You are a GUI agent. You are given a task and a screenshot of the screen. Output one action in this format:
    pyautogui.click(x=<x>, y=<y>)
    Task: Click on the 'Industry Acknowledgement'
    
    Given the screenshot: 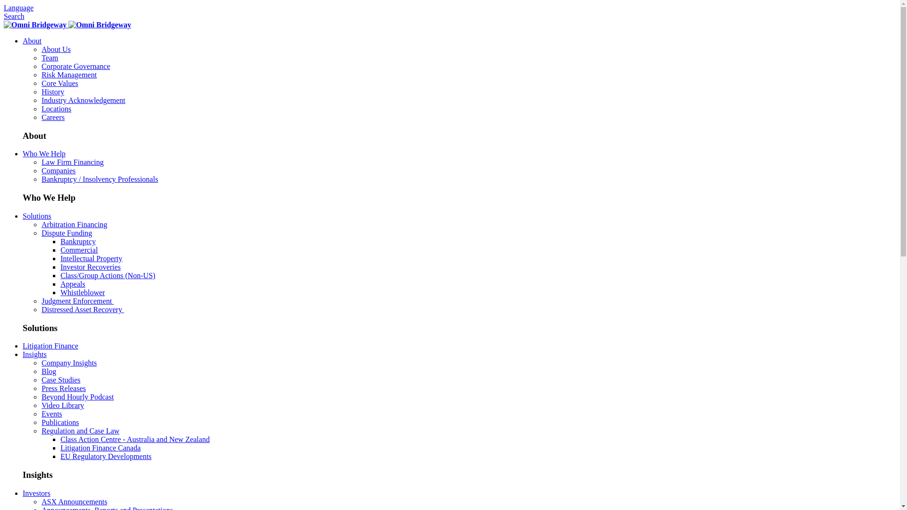 What is the action you would take?
    pyautogui.click(x=83, y=100)
    